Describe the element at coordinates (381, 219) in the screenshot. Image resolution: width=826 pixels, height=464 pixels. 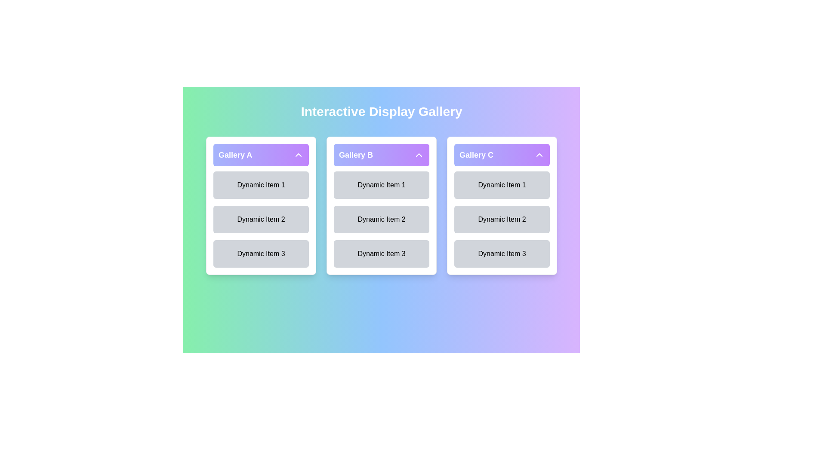
I see `the label 'Dynamic Item 2' located in the middle column 'Gallery B', which is the second item in a list above 'Dynamic Item 3' and below 'Dynamic Item 1'` at that location.